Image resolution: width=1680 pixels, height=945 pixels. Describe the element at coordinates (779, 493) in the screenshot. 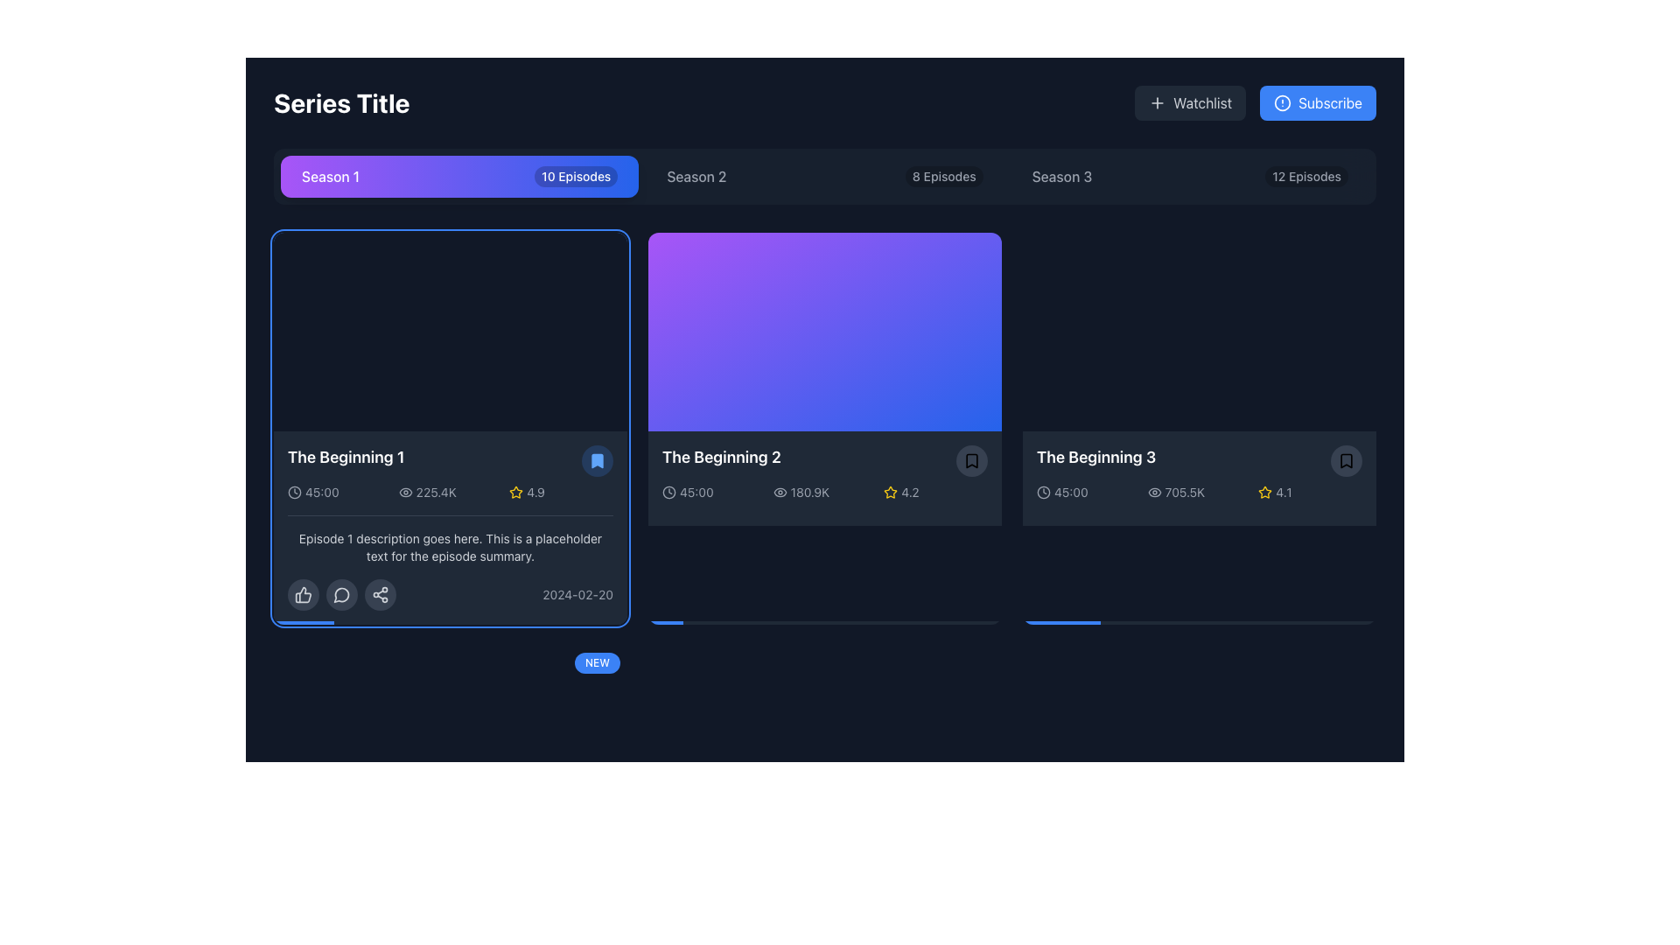

I see `the eye icon representing visibility or preview features located in the bottom-right corner of 'The Beginning 1' card` at that location.